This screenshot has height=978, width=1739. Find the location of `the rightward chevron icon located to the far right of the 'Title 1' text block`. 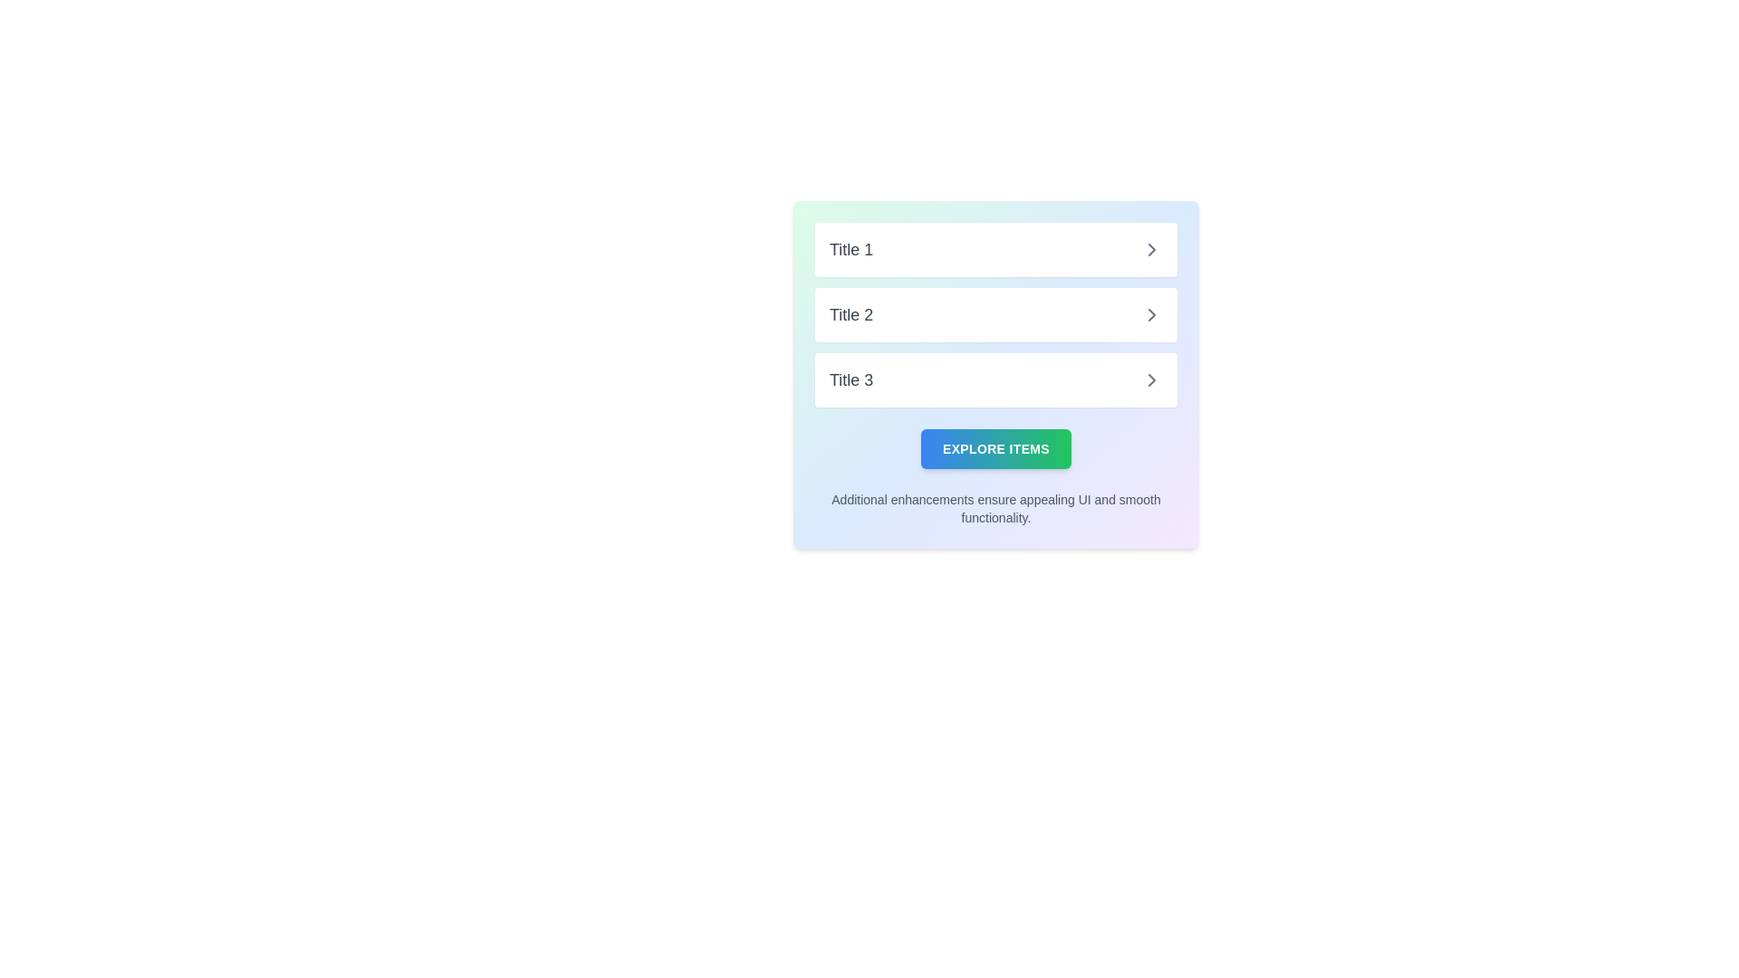

the rightward chevron icon located to the far right of the 'Title 1' text block is located at coordinates (1151, 250).